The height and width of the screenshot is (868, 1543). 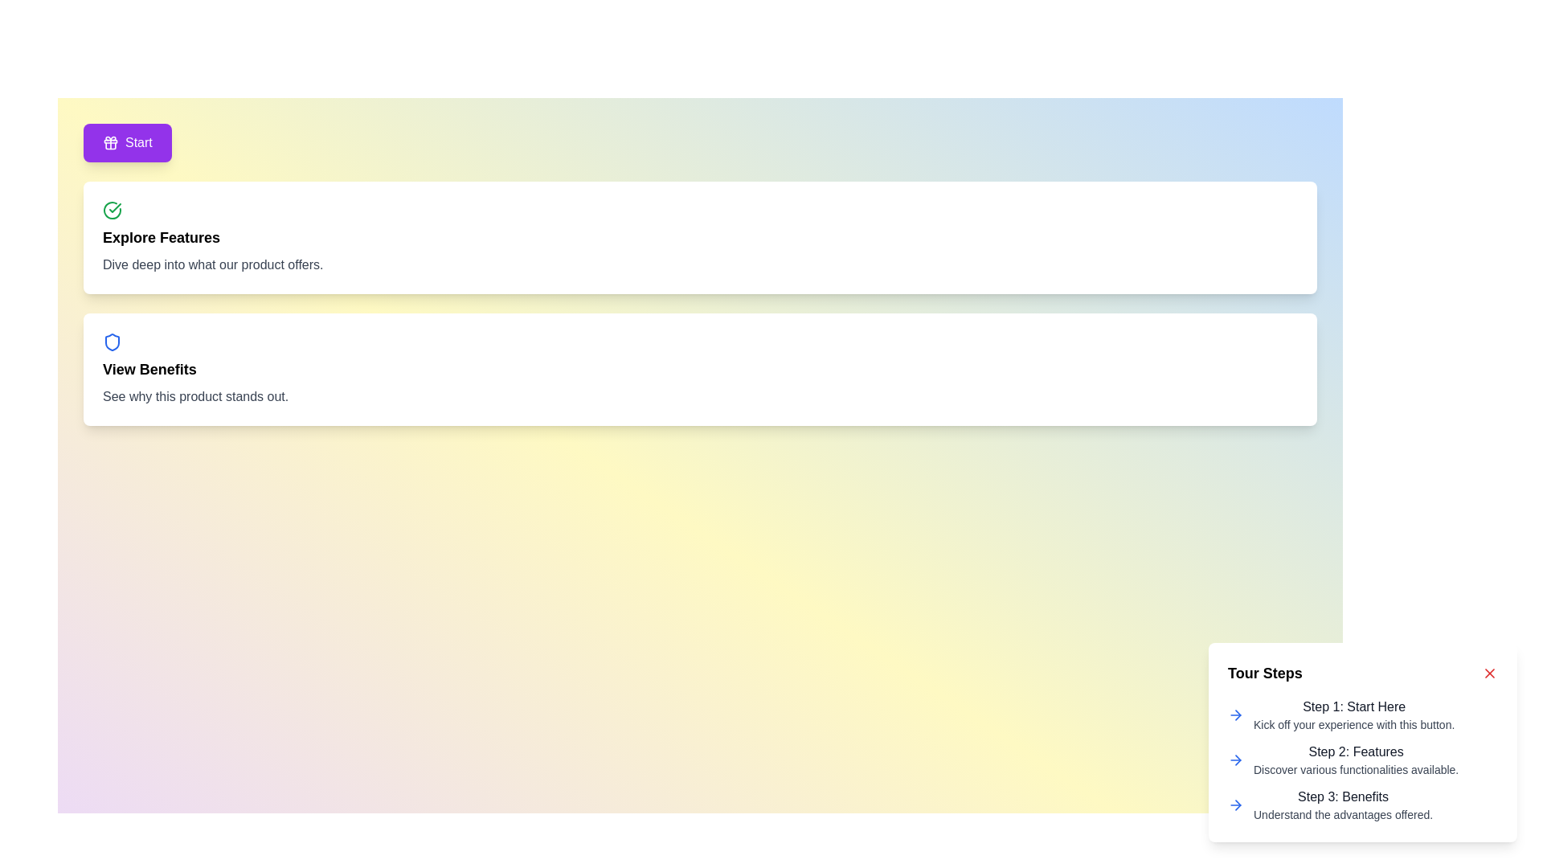 What do you see at coordinates (111, 341) in the screenshot?
I see `the decorative icon representing protection or benefits associated with the 'View Benefits' section, located at the top-left of the card` at bounding box center [111, 341].